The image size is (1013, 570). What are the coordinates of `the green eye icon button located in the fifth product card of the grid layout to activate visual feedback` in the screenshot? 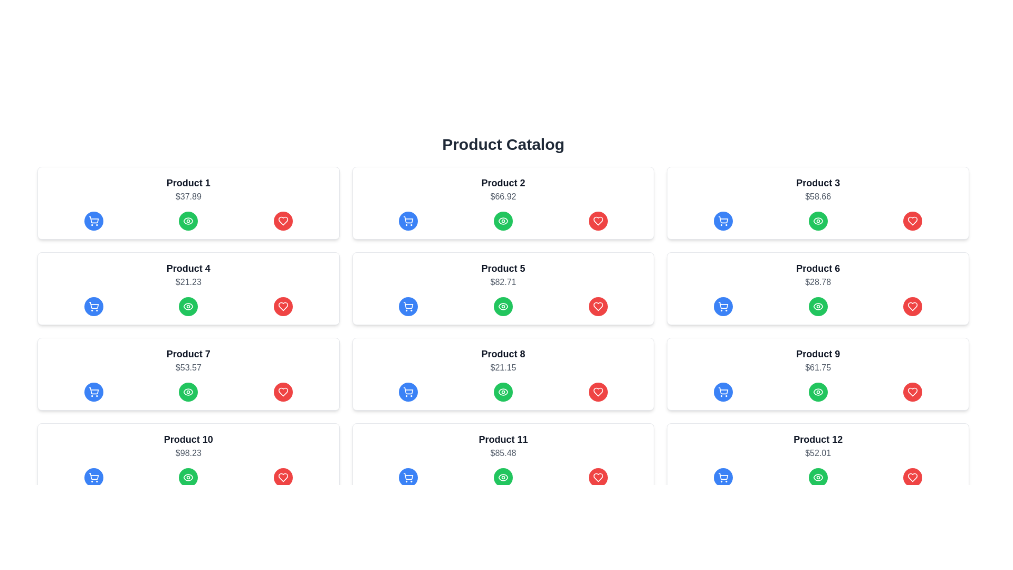 It's located at (503, 307).